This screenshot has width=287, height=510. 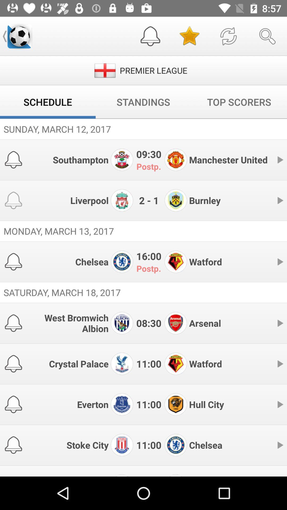 I want to click on item above premier league  item, so click(x=189, y=36).